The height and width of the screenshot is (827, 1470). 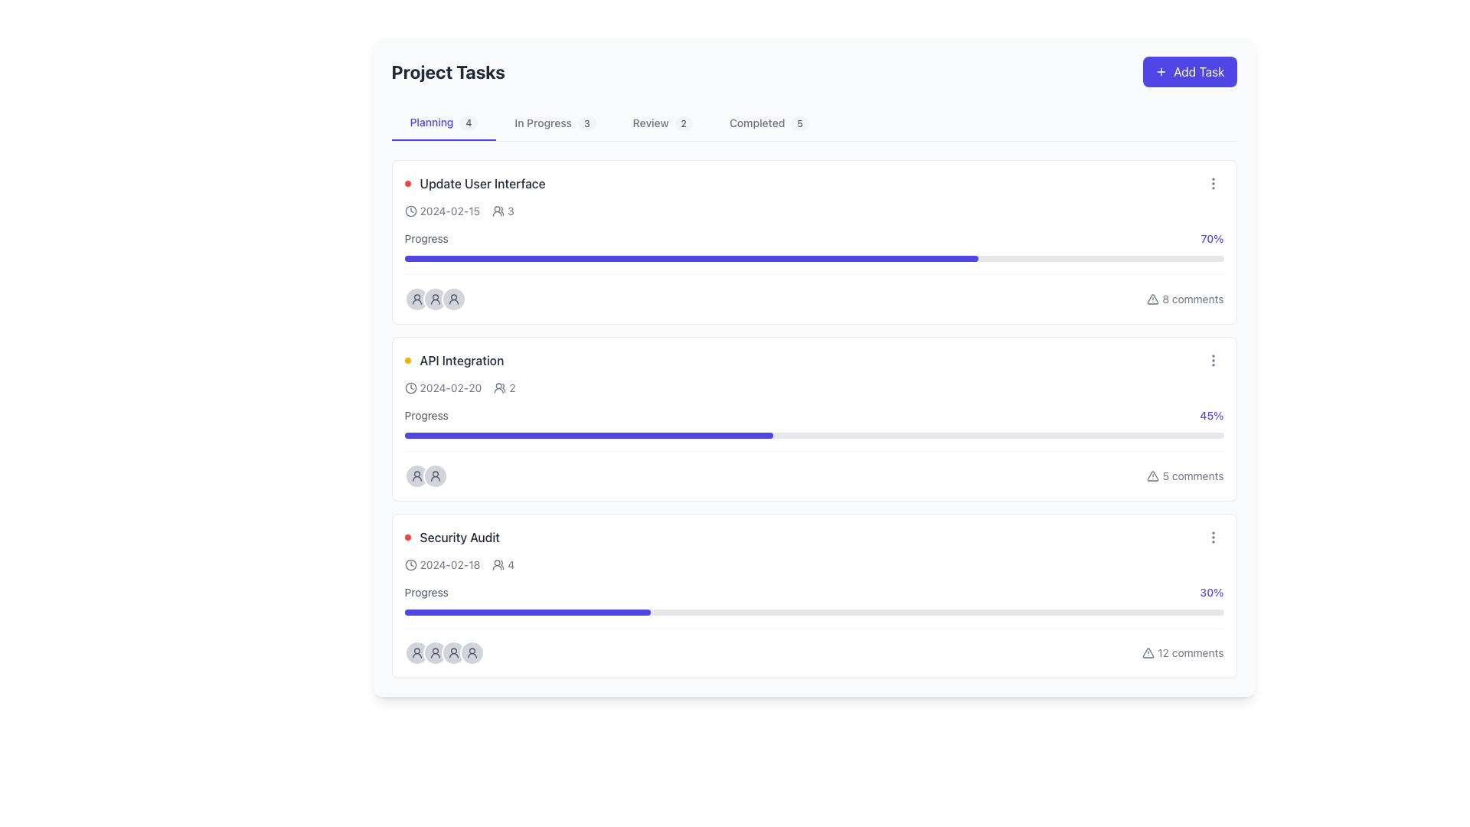 I want to click on the clickable text element for filtering tasks marked as 'Completed', located in the horizontal navigation bar under 'Project Tasks', positioned after 'Review 2' and before the badge displaying '5', so click(x=769, y=123).